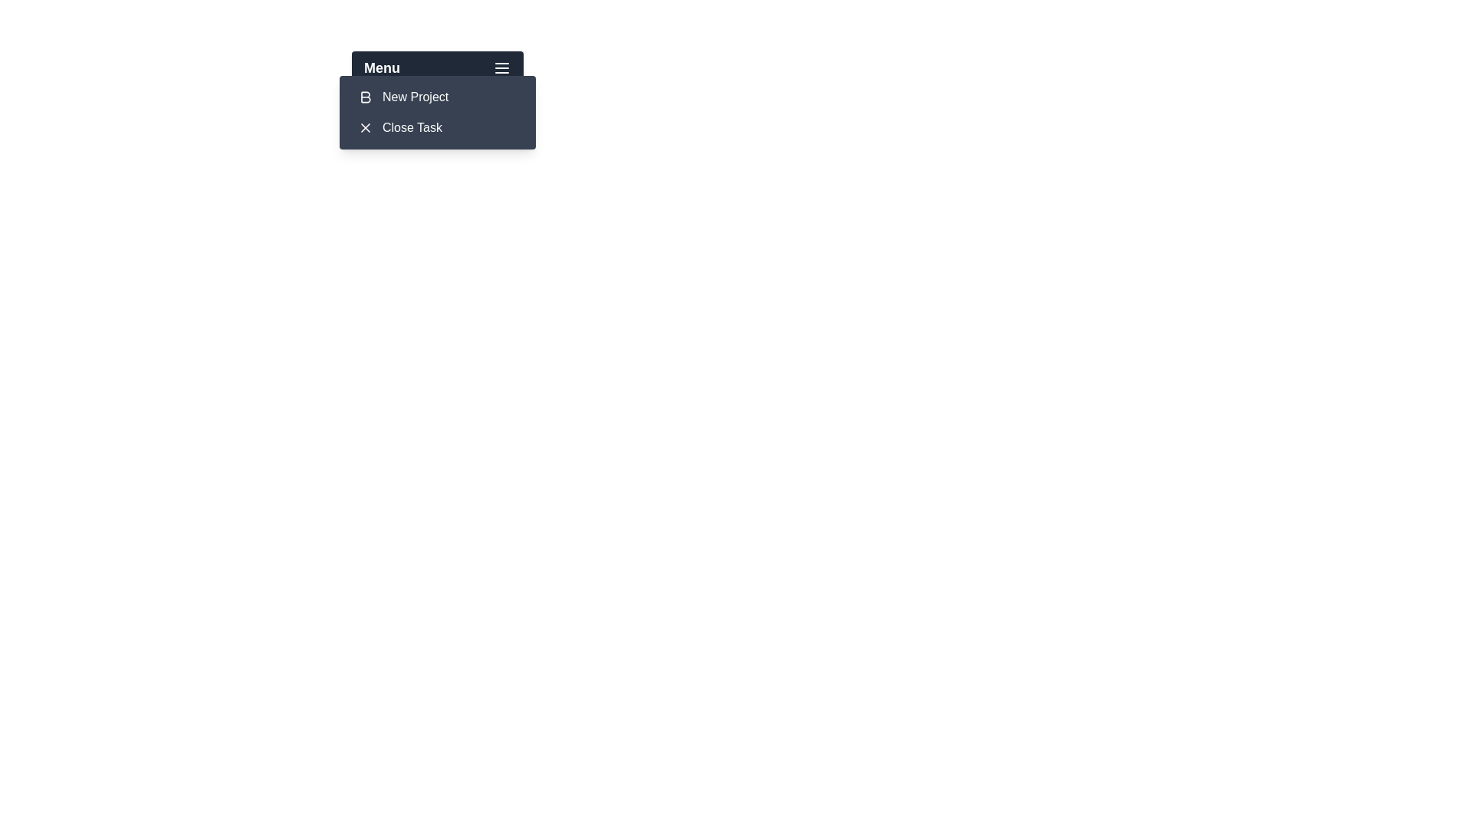 This screenshot has height=828, width=1472. Describe the element at coordinates (501, 67) in the screenshot. I see `the toggle button located at the top-right corner of the navigation bar` at that location.